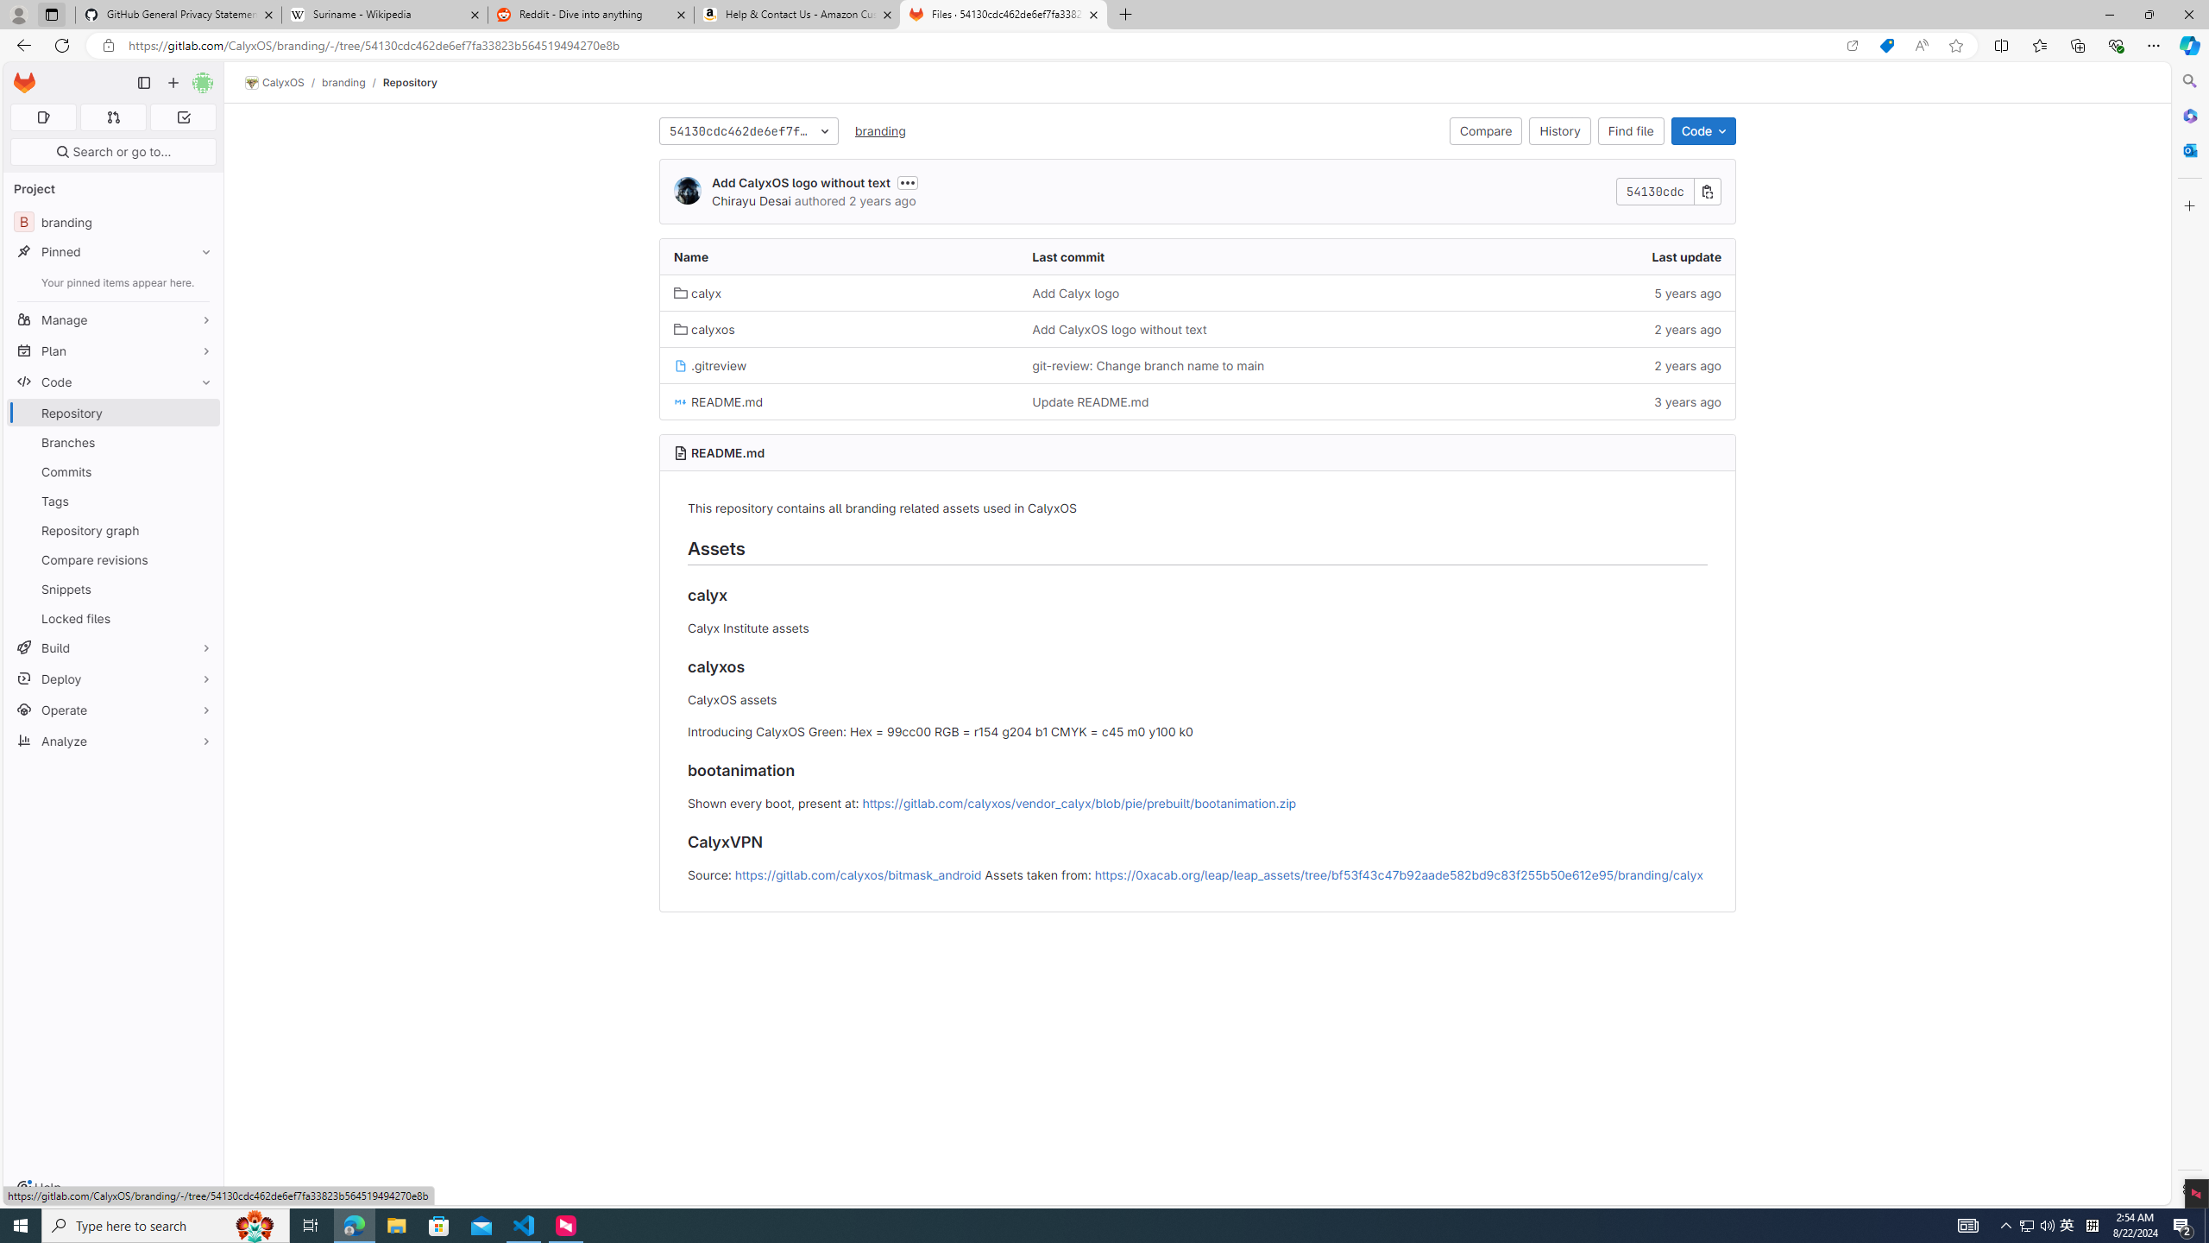 The width and height of the screenshot is (2209, 1243). What do you see at coordinates (112, 647) in the screenshot?
I see `'Build'` at bounding box center [112, 647].